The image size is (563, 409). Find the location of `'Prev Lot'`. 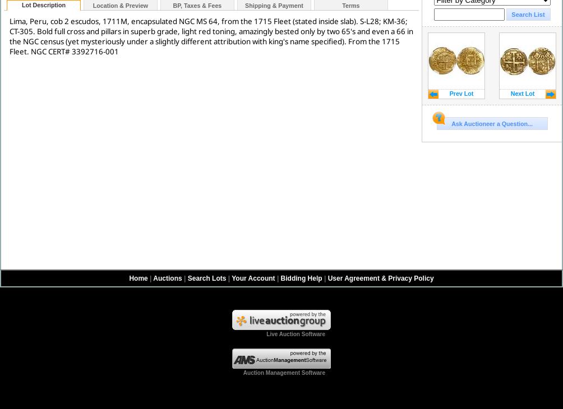

'Prev Lot' is located at coordinates (461, 93).